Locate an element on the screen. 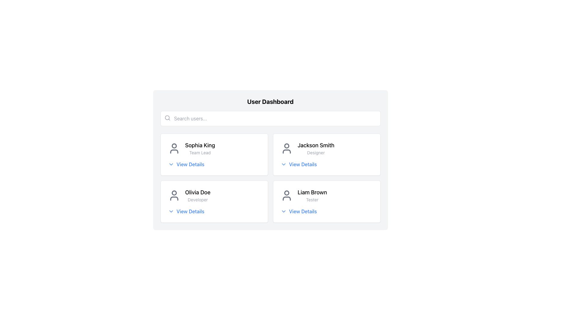 This screenshot has width=587, height=330. the 'View Details' text-based link button located below 'Sophia King Team Lead' in the user information card is located at coordinates (186, 164).